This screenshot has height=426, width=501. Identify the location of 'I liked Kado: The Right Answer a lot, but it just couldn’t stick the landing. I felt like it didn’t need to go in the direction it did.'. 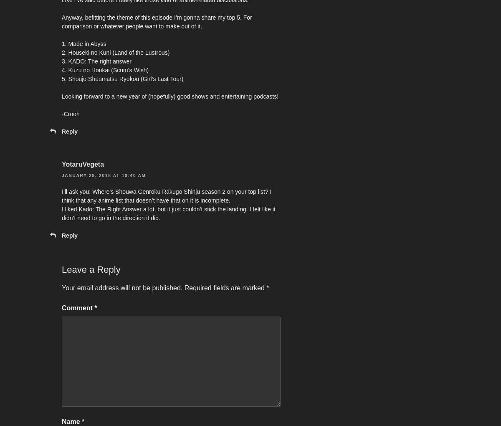
(168, 213).